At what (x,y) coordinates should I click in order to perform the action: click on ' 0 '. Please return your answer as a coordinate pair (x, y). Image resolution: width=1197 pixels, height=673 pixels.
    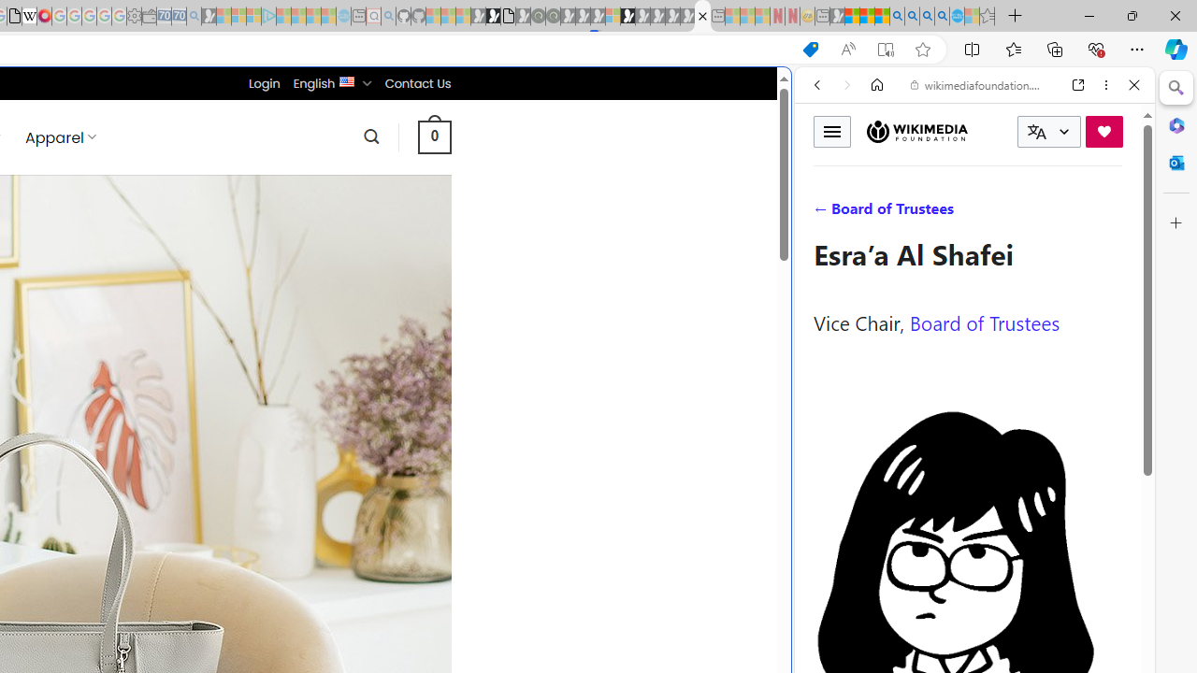
    Looking at the image, I should click on (433, 136).